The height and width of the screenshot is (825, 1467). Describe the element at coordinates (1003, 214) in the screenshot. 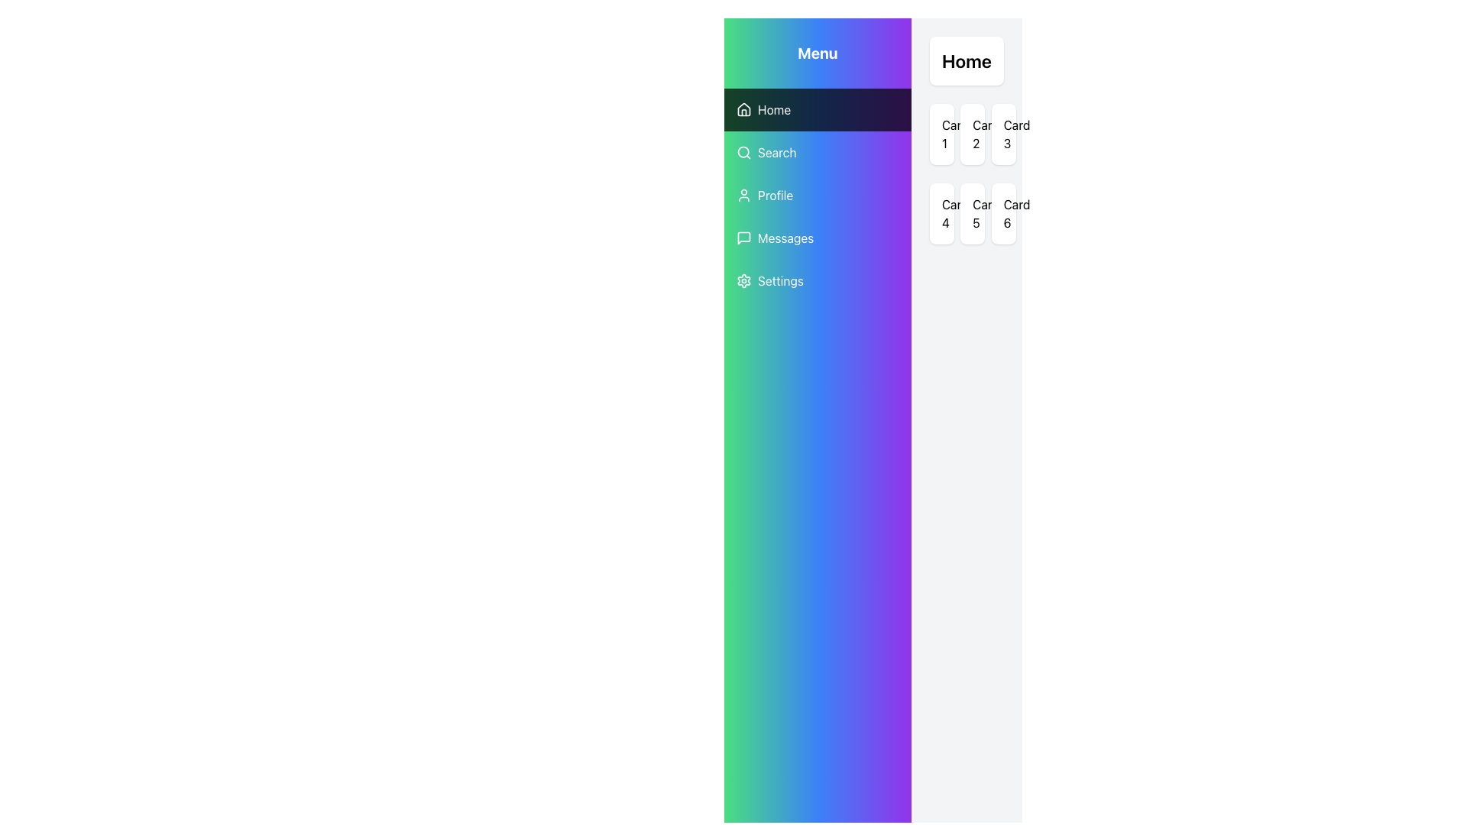

I see `the Static Card labeled 'Card 6', which is the third card in the second row of a grid layout` at that location.